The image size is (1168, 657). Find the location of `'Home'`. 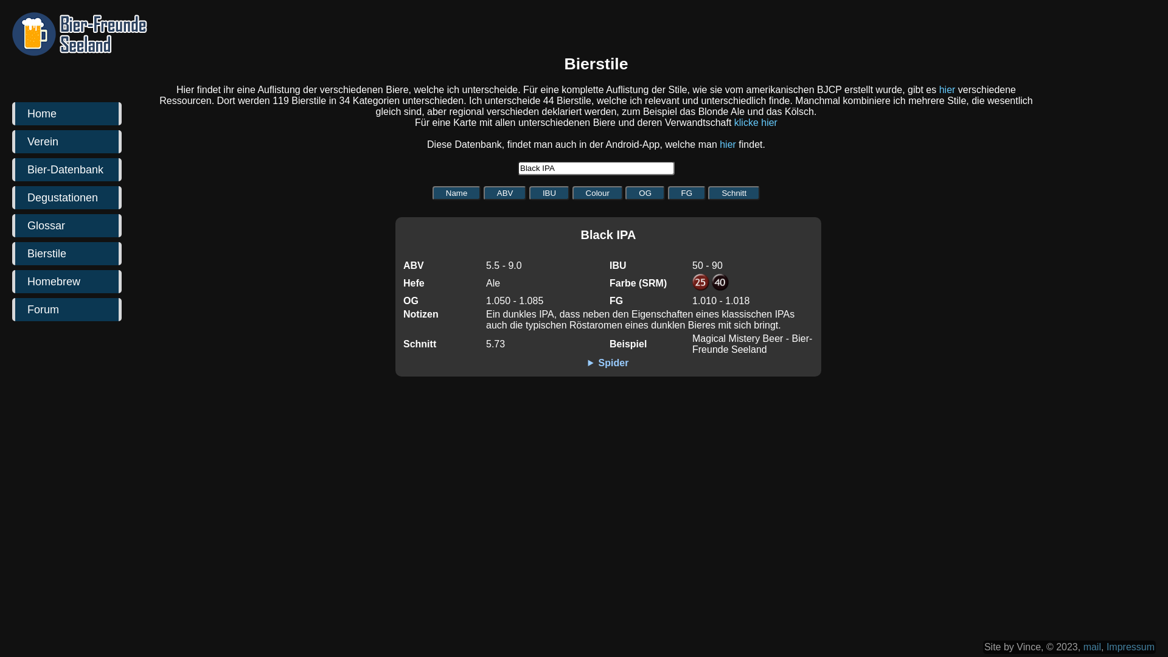

'Home' is located at coordinates (66, 113).